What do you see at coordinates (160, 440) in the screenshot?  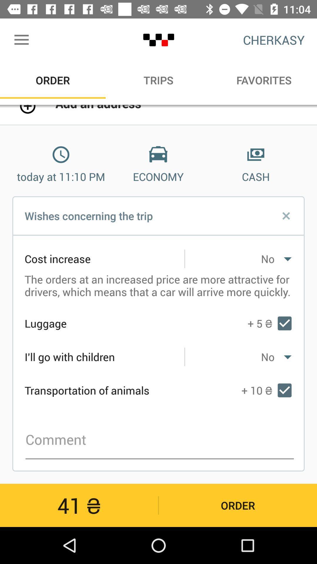 I see `type a comment` at bounding box center [160, 440].